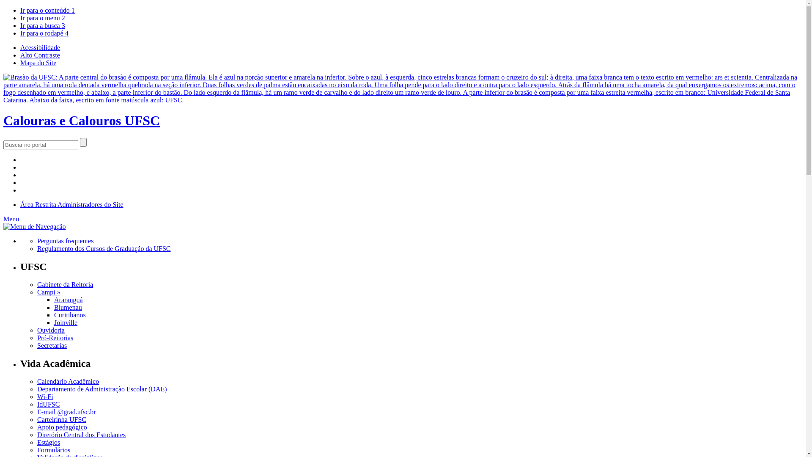  Describe the element at coordinates (42, 25) in the screenshot. I see `'Ir para a busca 3'` at that location.